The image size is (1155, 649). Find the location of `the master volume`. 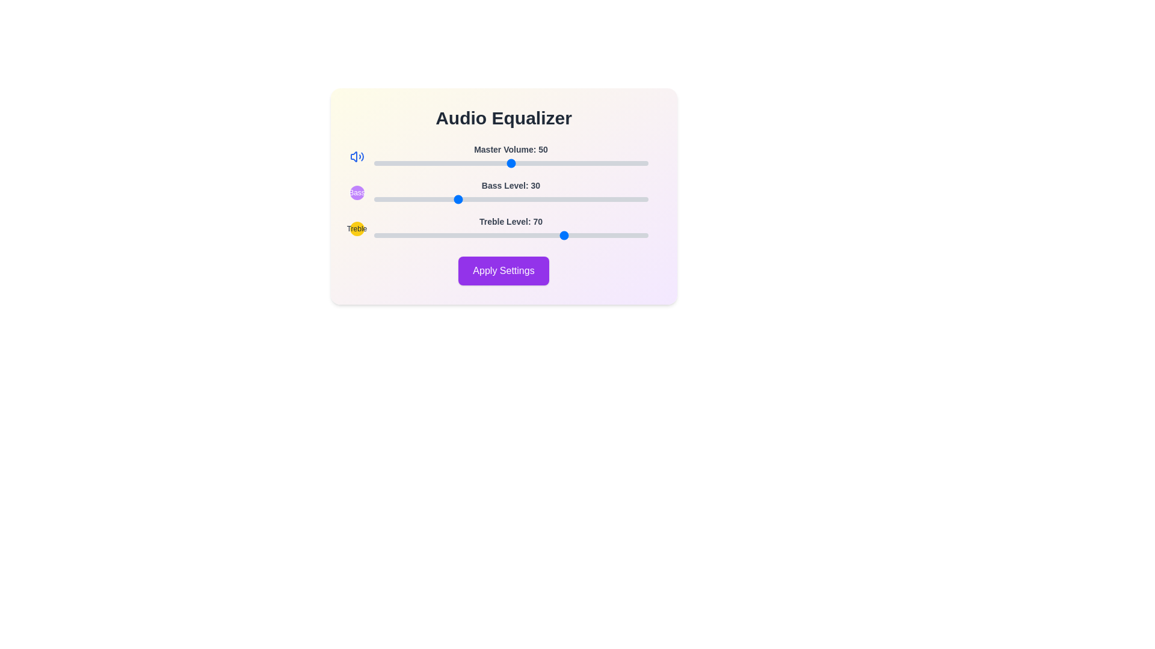

the master volume is located at coordinates (414, 163).